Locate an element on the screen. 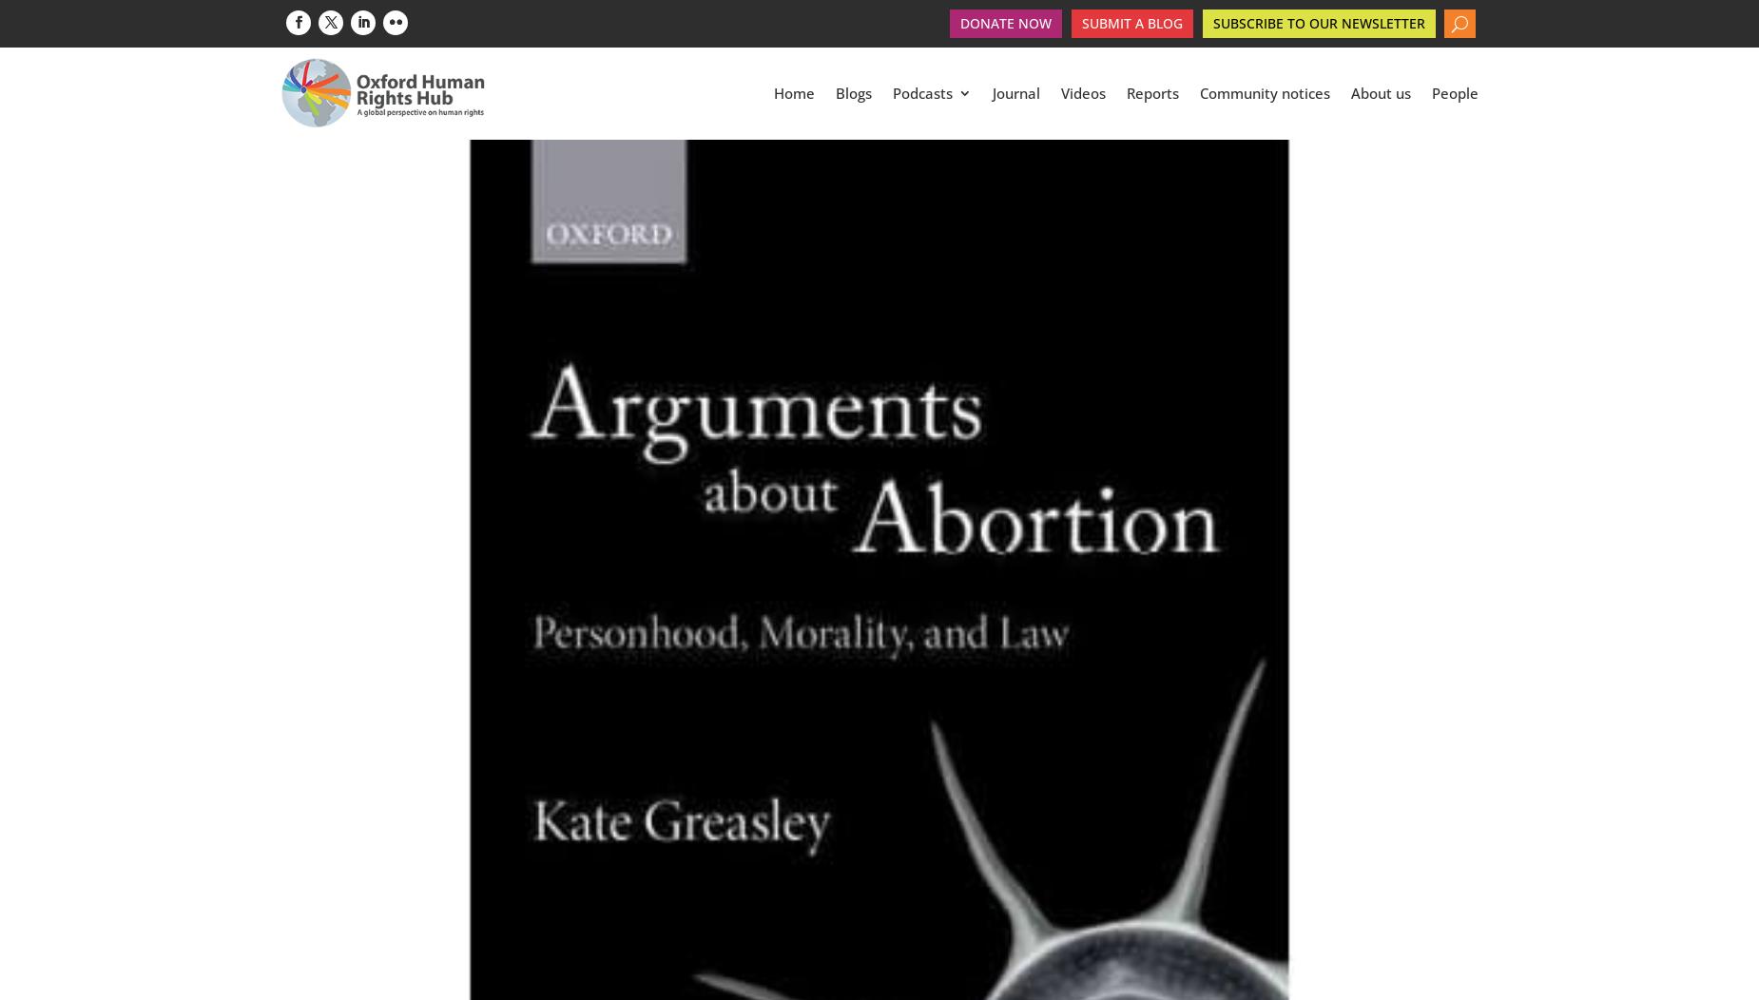  'Subscribe to our newsletter' is located at coordinates (1317, 23).